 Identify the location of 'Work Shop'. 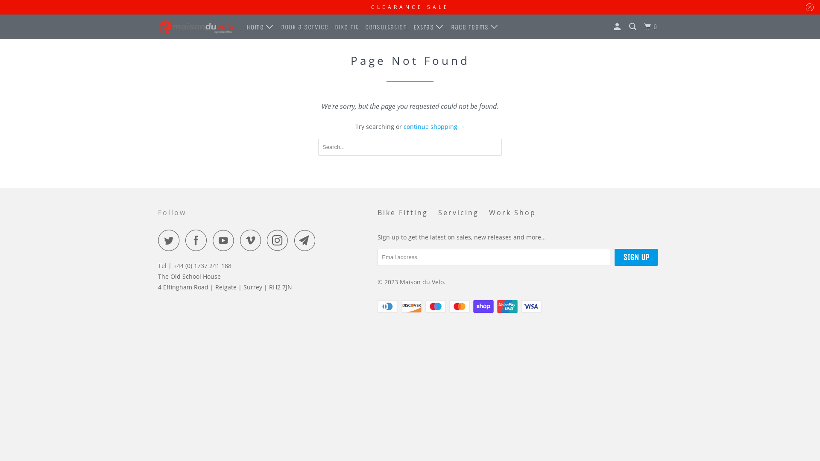
(512, 212).